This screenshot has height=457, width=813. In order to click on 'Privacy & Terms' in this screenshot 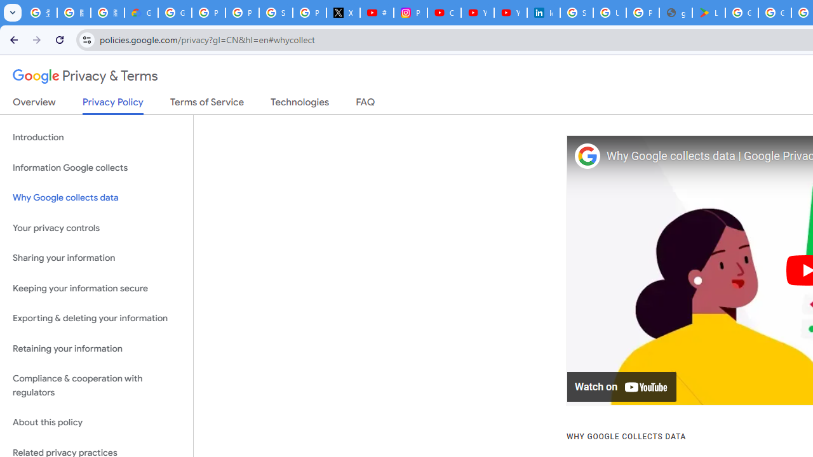, I will do `click(85, 76)`.